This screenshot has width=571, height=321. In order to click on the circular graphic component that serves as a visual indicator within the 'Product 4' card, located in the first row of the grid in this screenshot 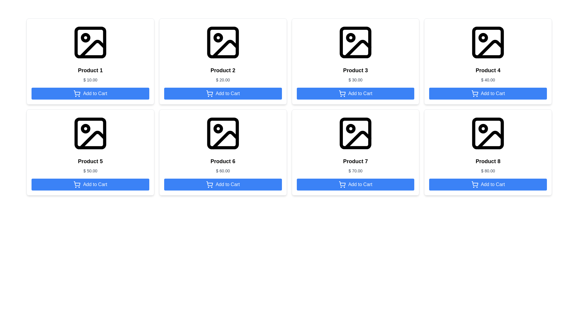, I will do `click(483, 38)`.